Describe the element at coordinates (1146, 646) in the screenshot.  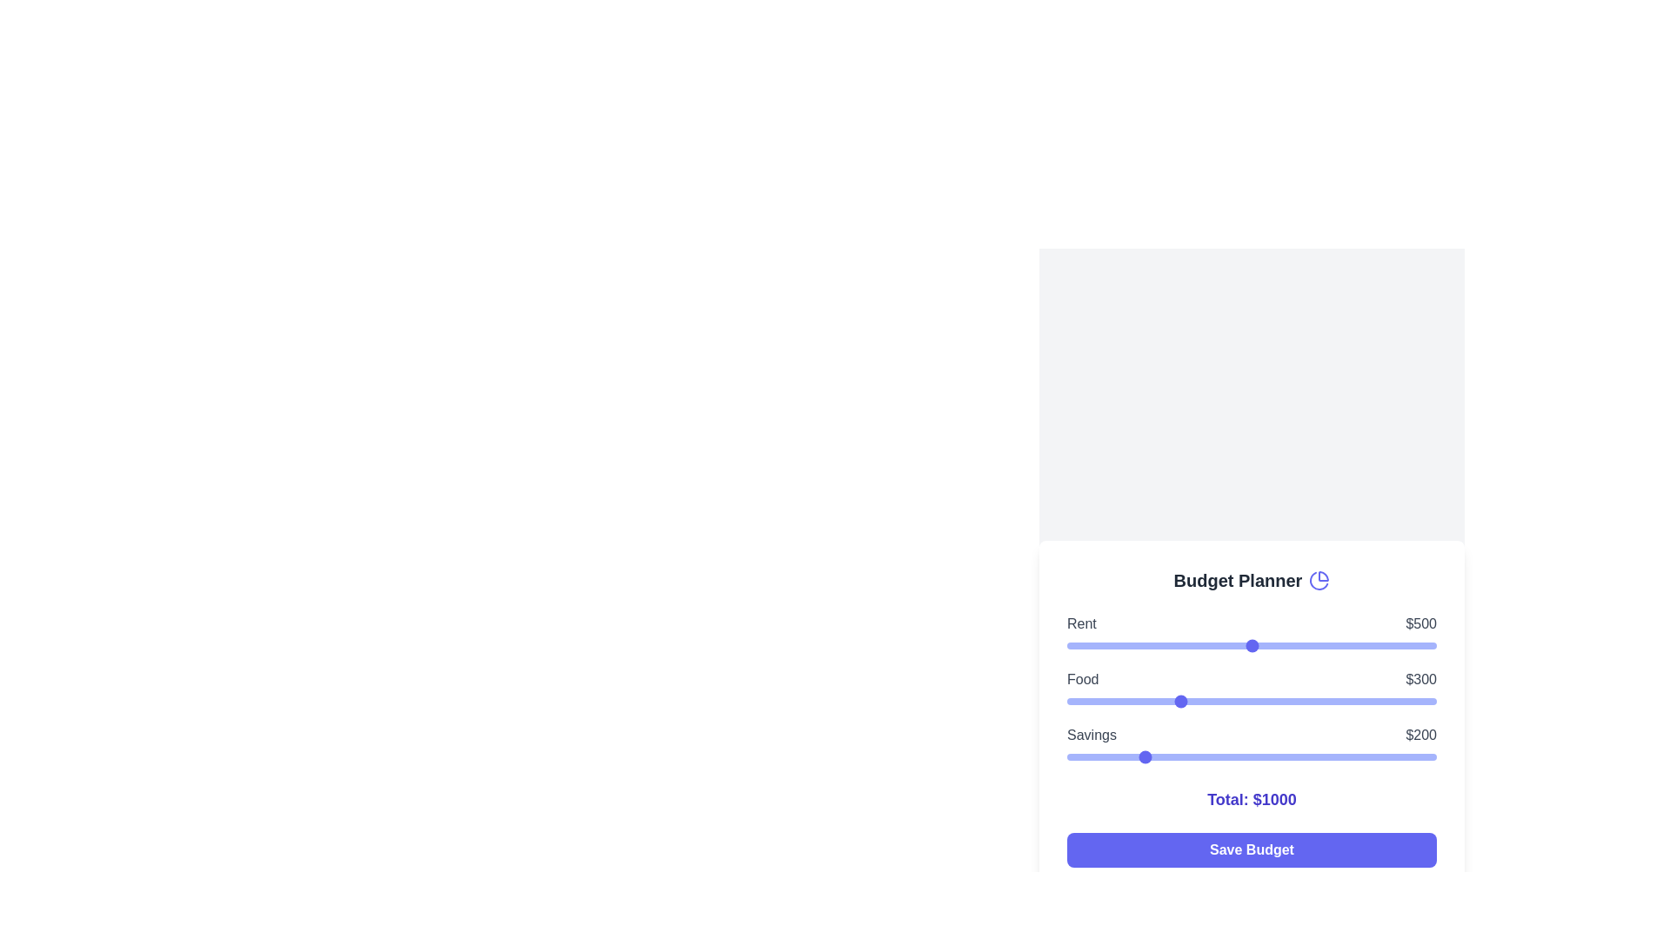
I see `the rent budget slider to 216` at that location.